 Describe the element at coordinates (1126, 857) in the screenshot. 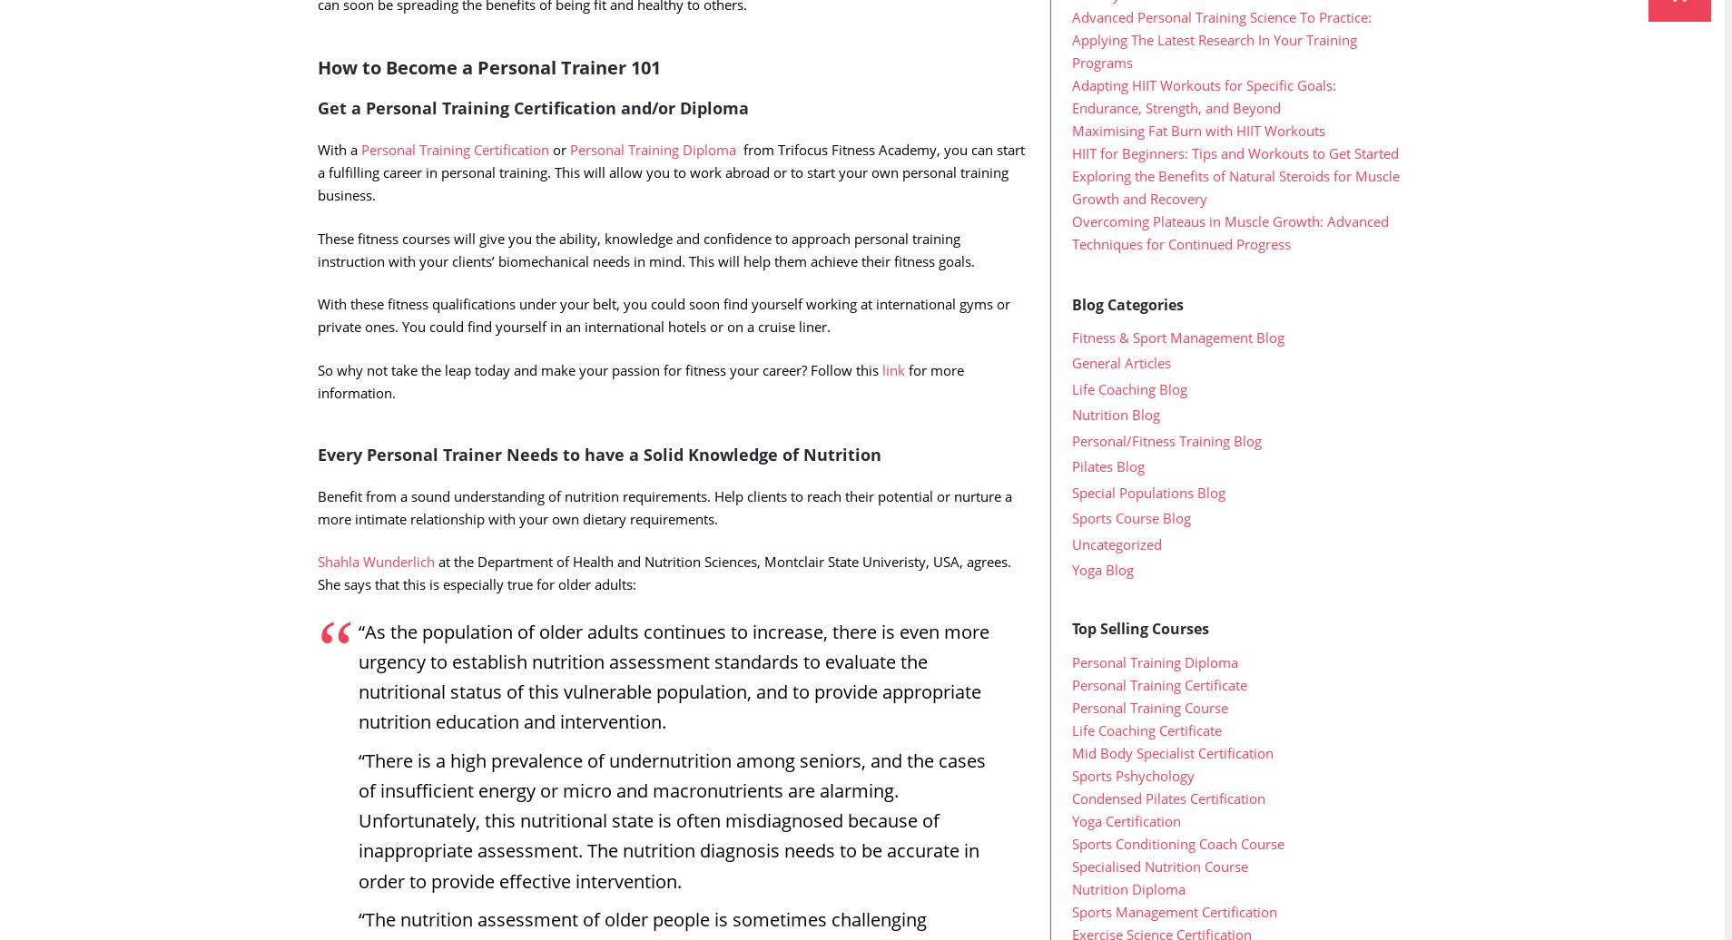

I see `'Yoga Certification'` at that location.